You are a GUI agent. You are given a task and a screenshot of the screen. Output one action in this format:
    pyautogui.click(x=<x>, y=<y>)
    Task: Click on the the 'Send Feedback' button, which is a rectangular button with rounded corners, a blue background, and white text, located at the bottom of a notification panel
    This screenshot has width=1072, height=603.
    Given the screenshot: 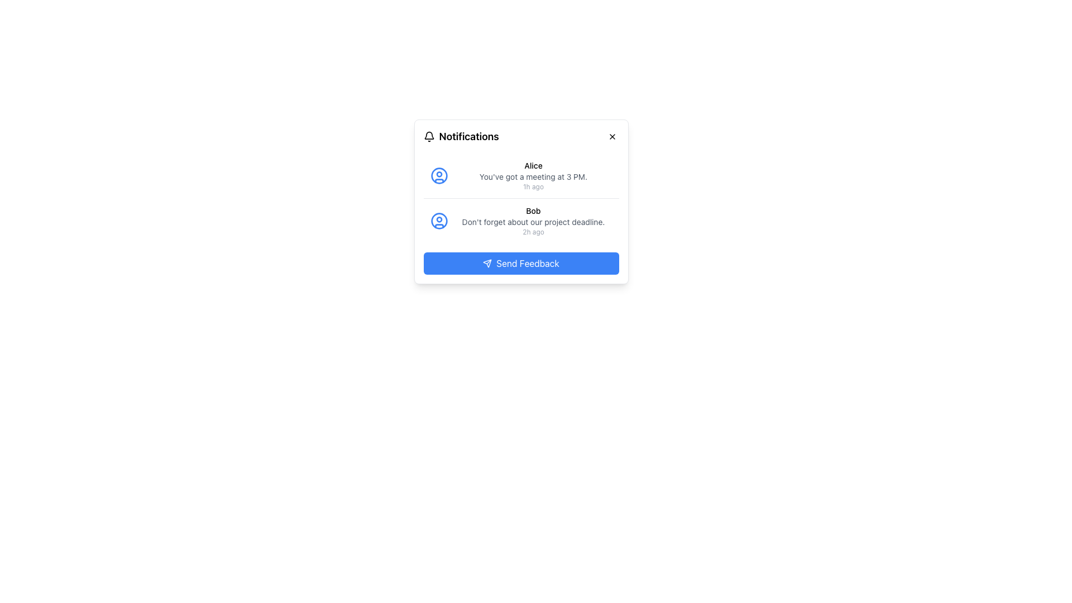 What is the action you would take?
    pyautogui.click(x=520, y=263)
    